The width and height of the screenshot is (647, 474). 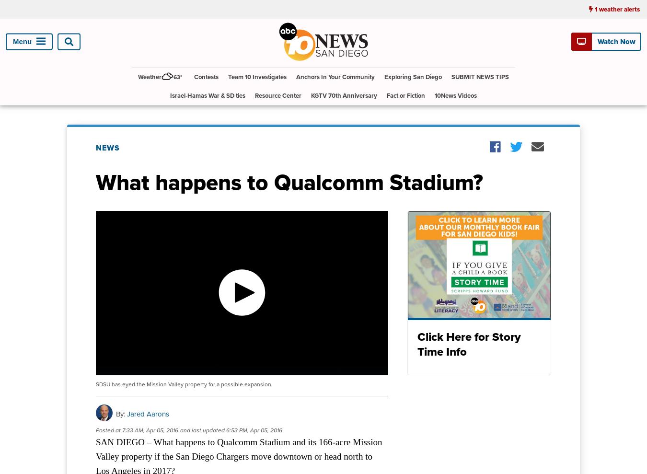 I want to click on 'and last updated', so click(x=202, y=430).